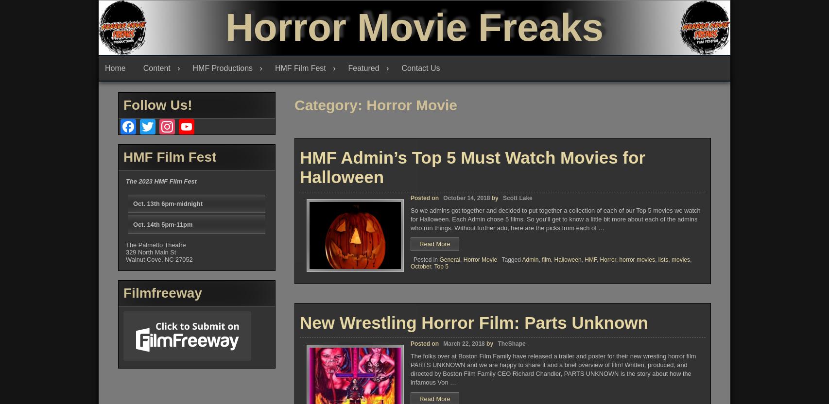  What do you see at coordinates (181, 165) in the screenshot?
I see `'Instagram'` at bounding box center [181, 165].